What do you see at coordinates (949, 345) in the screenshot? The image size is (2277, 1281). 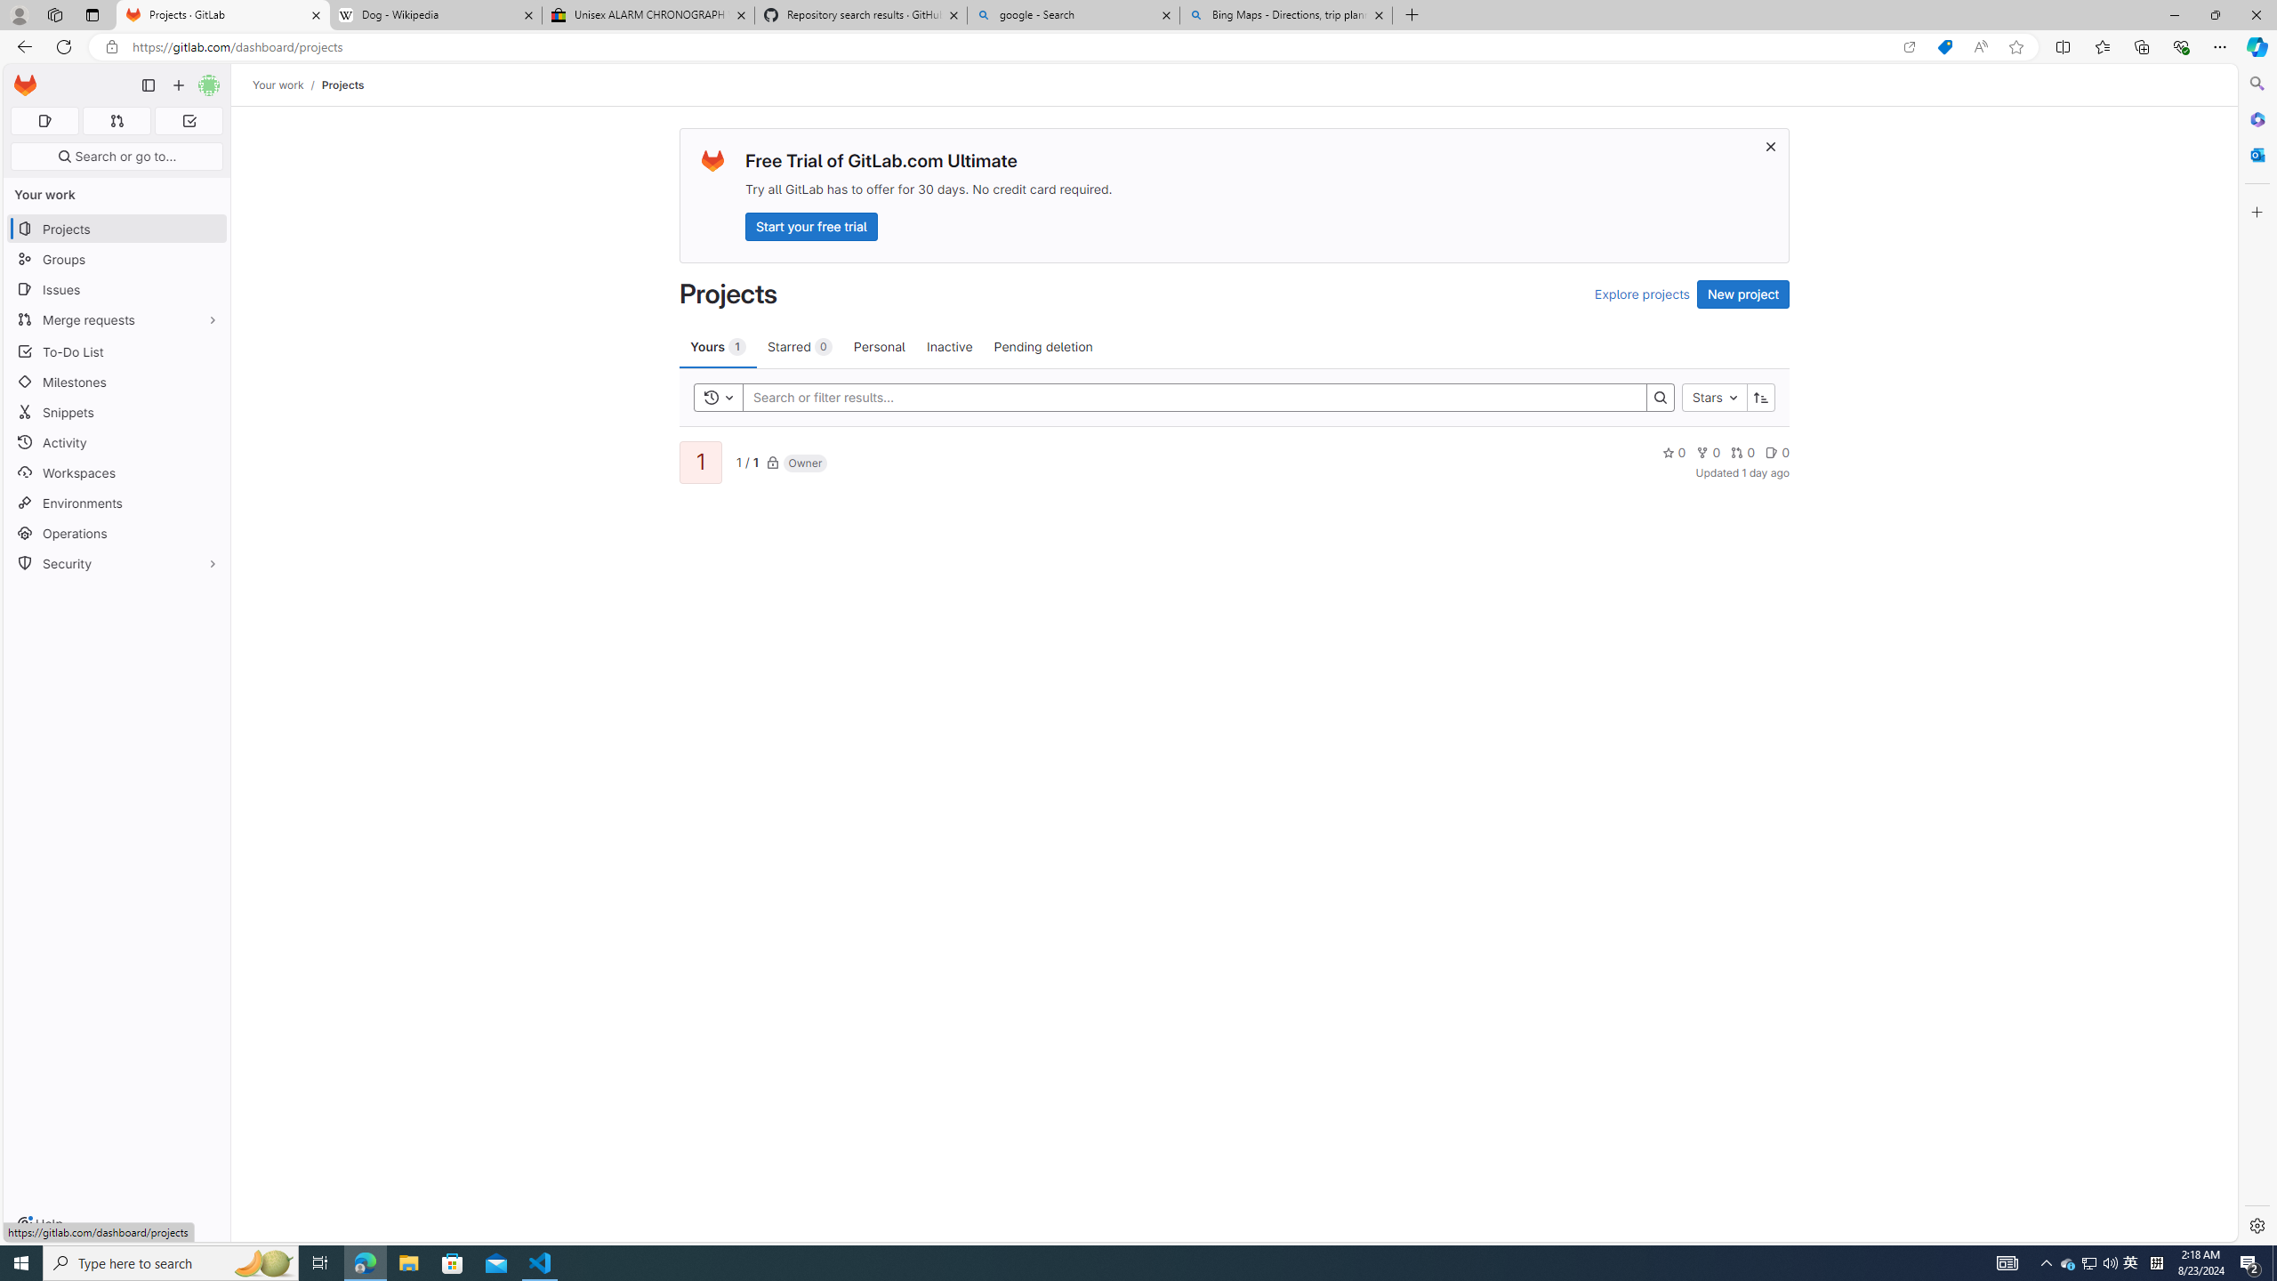 I see `'Inactive'` at bounding box center [949, 345].